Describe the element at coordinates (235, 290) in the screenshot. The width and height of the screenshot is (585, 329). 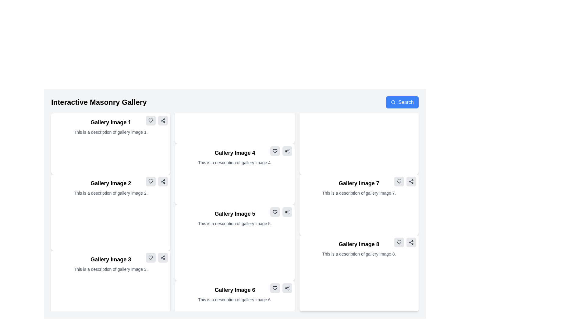
I see `text of the title label for the sixth gallery item located at the bottom center of the gallery layout` at that location.